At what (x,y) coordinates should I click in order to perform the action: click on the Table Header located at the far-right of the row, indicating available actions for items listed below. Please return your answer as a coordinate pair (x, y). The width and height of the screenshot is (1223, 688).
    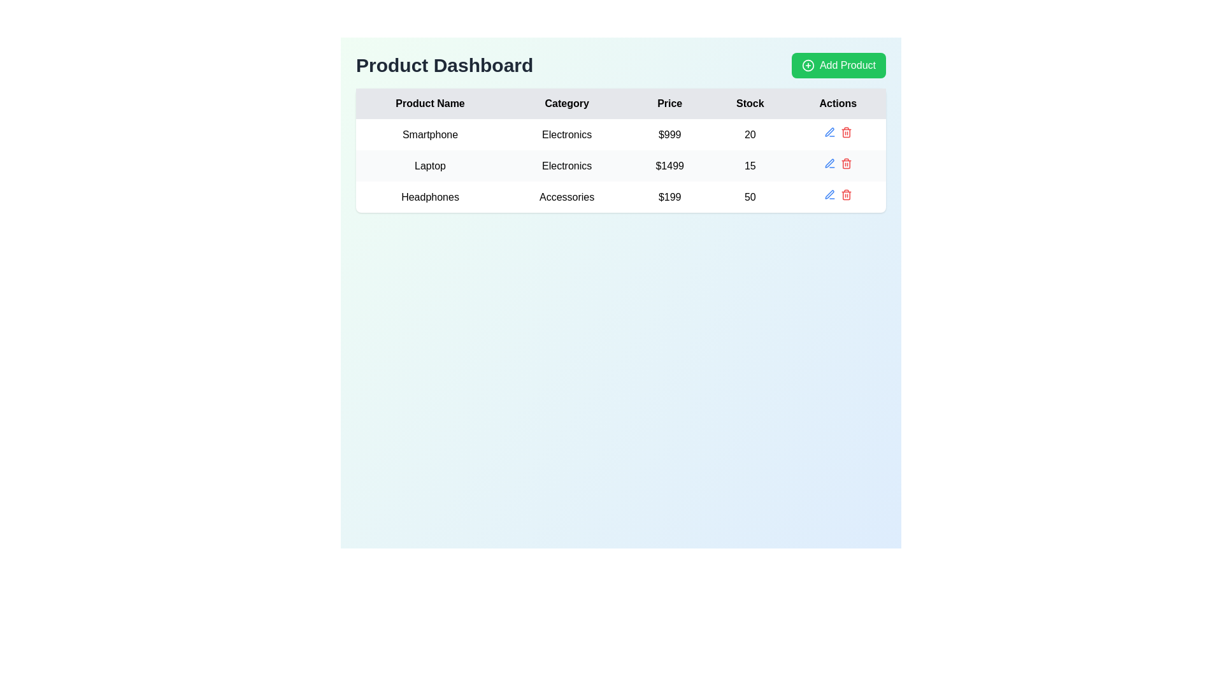
    Looking at the image, I should click on (838, 103).